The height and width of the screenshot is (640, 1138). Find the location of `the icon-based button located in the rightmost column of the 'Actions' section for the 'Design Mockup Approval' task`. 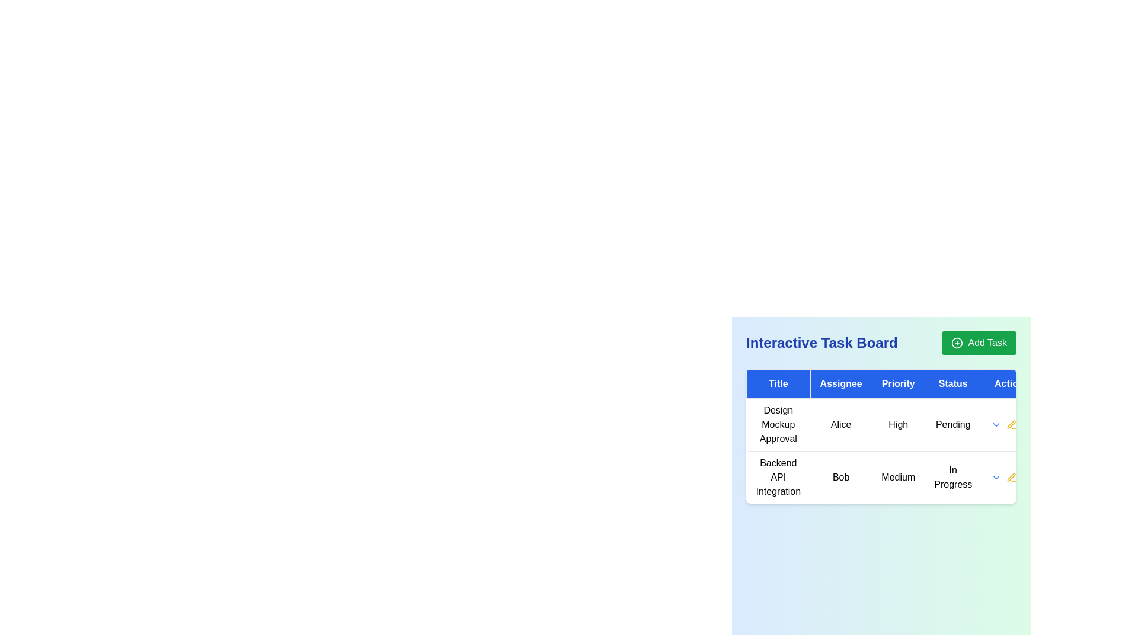

the icon-based button located in the rightmost column of the 'Actions' section for the 'Design Mockup Approval' task is located at coordinates (1011, 424).